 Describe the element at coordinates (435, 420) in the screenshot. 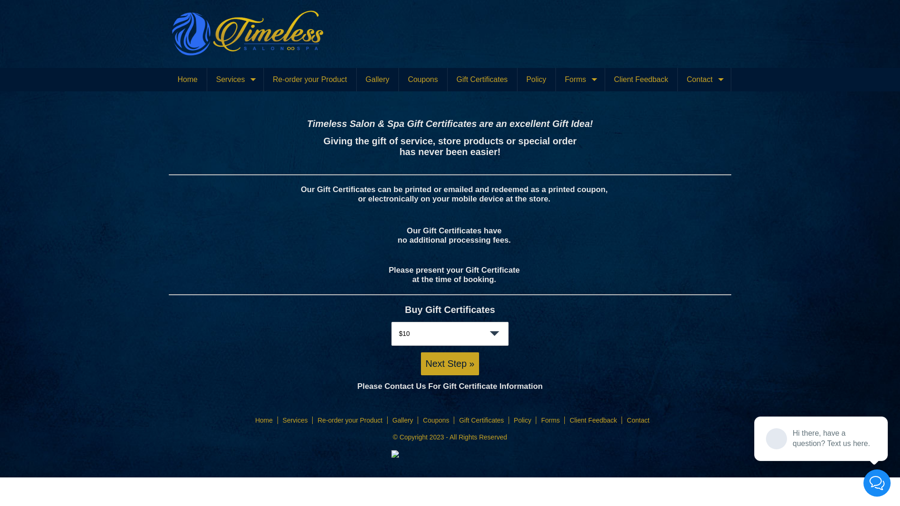

I see `'Coupons'` at that location.